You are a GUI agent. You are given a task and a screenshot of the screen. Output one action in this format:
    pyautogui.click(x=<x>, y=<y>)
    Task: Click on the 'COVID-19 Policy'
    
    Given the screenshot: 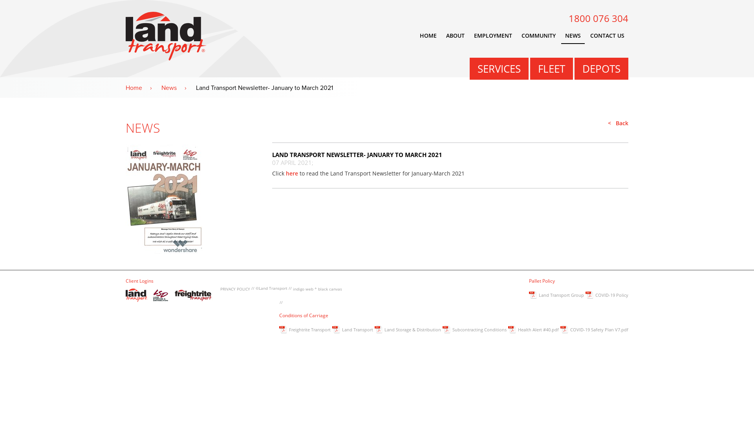 What is the action you would take?
    pyautogui.click(x=606, y=296)
    